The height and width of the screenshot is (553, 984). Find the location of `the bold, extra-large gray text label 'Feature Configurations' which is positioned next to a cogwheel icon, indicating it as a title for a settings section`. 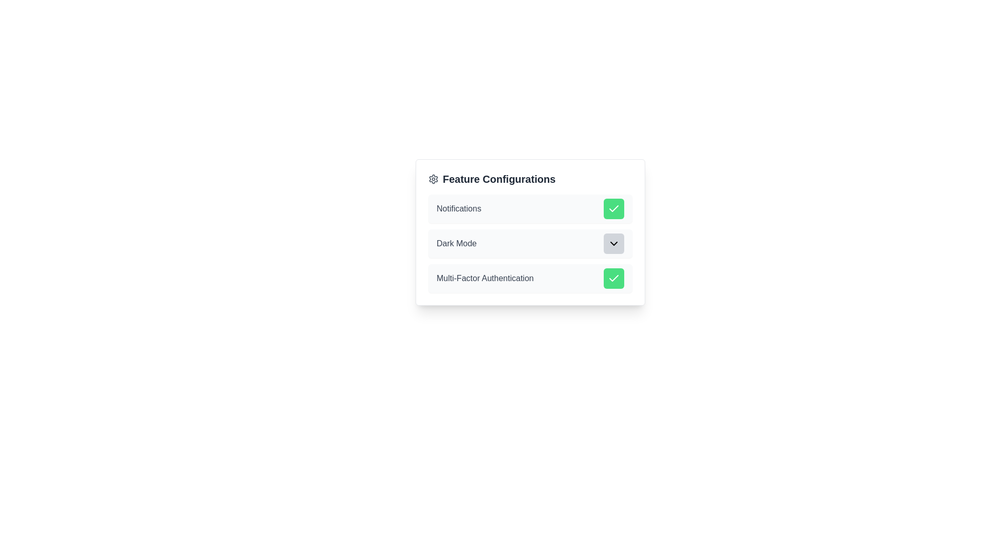

the bold, extra-large gray text label 'Feature Configurations' which is positioned next to a cogwheel icon, indicating it as a title for a settings section is located at coordinates (499, 179).